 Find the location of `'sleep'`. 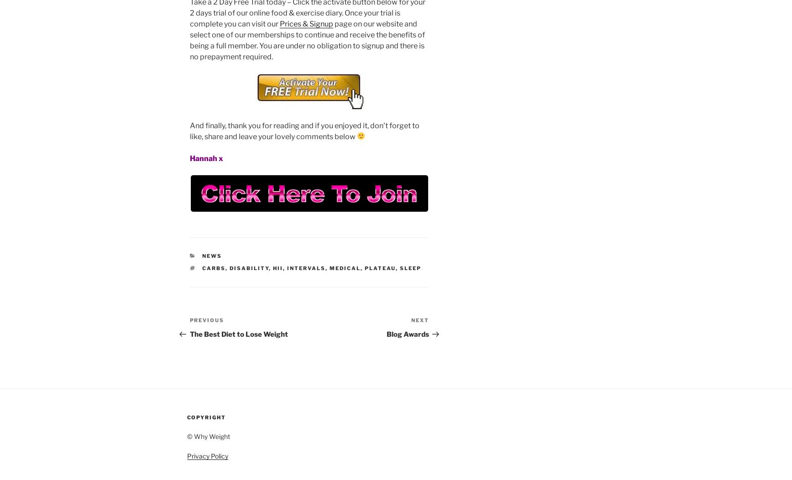

'sleep' is located at coordinates (410, 267).